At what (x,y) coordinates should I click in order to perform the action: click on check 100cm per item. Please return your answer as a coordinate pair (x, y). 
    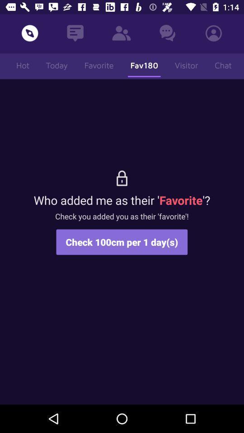
    Looking at the image, I should click on (122, 241).